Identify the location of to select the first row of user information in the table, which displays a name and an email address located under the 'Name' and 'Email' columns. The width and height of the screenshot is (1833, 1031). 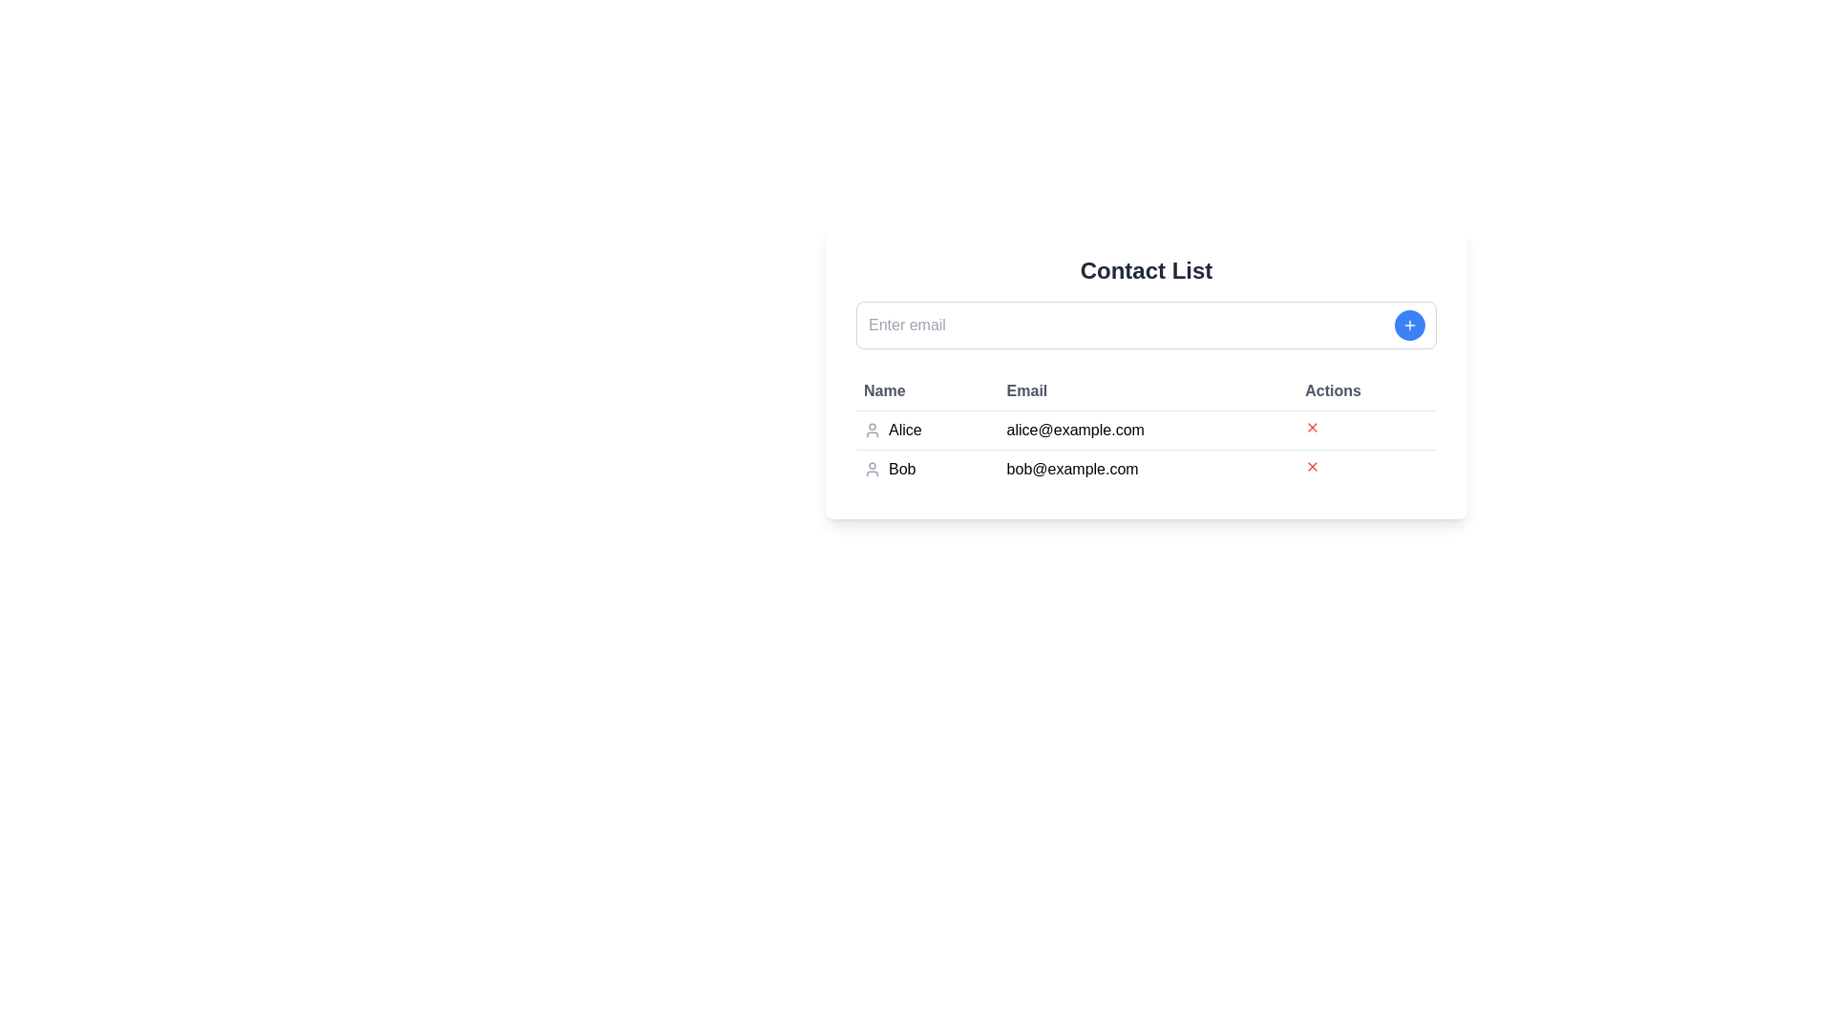
(1146, 431).